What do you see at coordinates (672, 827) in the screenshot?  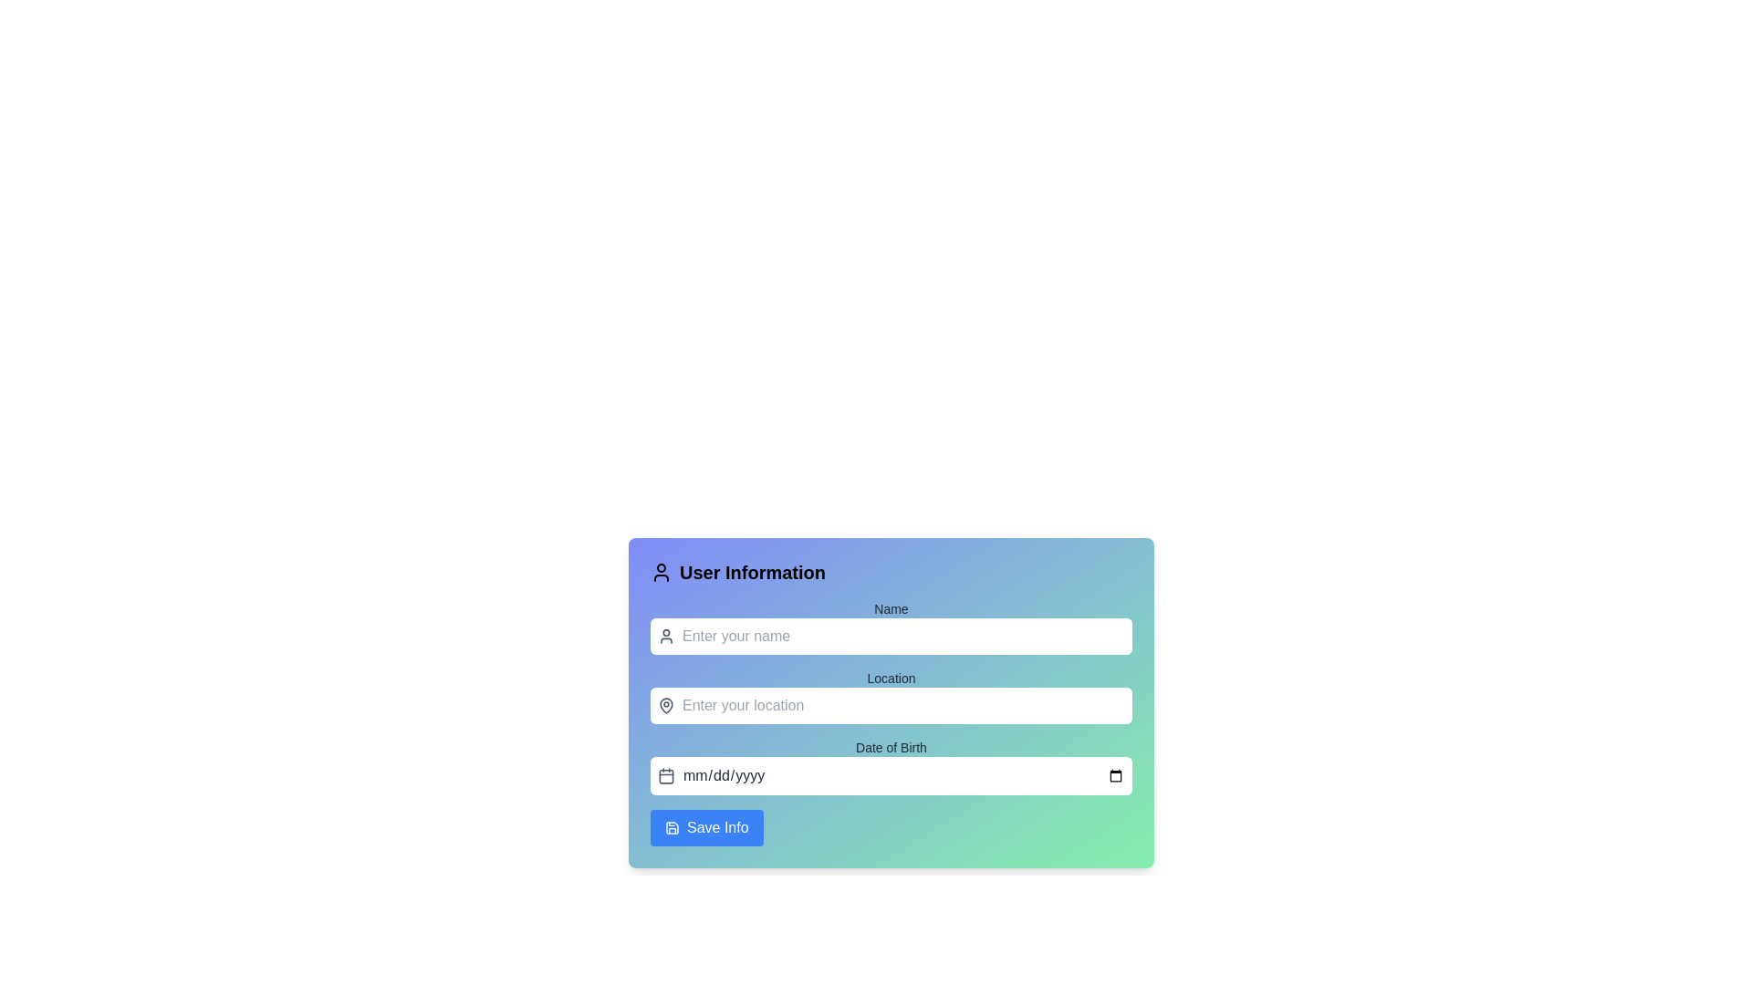 I see `the floppy disk icon located within the blue 'Save Info' button at the bottom of the user information form` at bounding box center [672, 827].